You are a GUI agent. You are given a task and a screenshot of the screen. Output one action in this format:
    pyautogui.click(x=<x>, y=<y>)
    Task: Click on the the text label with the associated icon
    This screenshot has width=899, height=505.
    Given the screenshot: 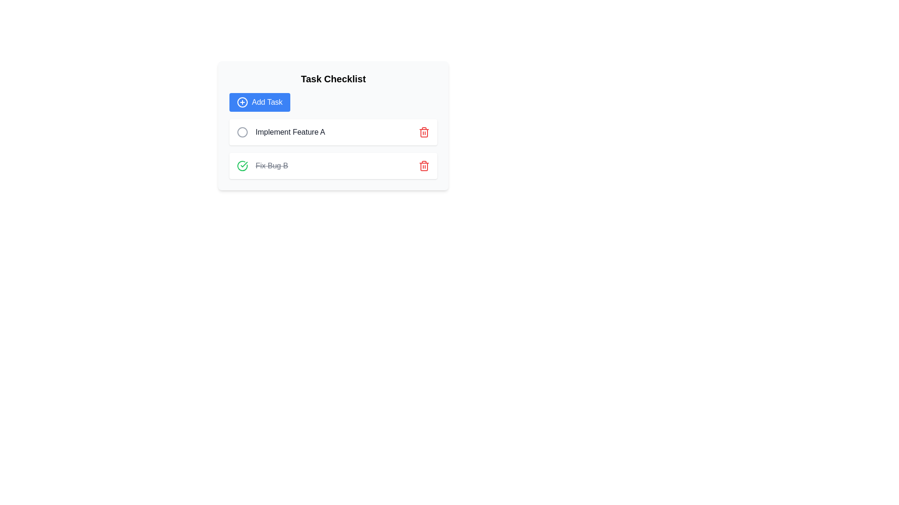 What is the action you would take?
    pyautogui.click(x=280, y=132)
    